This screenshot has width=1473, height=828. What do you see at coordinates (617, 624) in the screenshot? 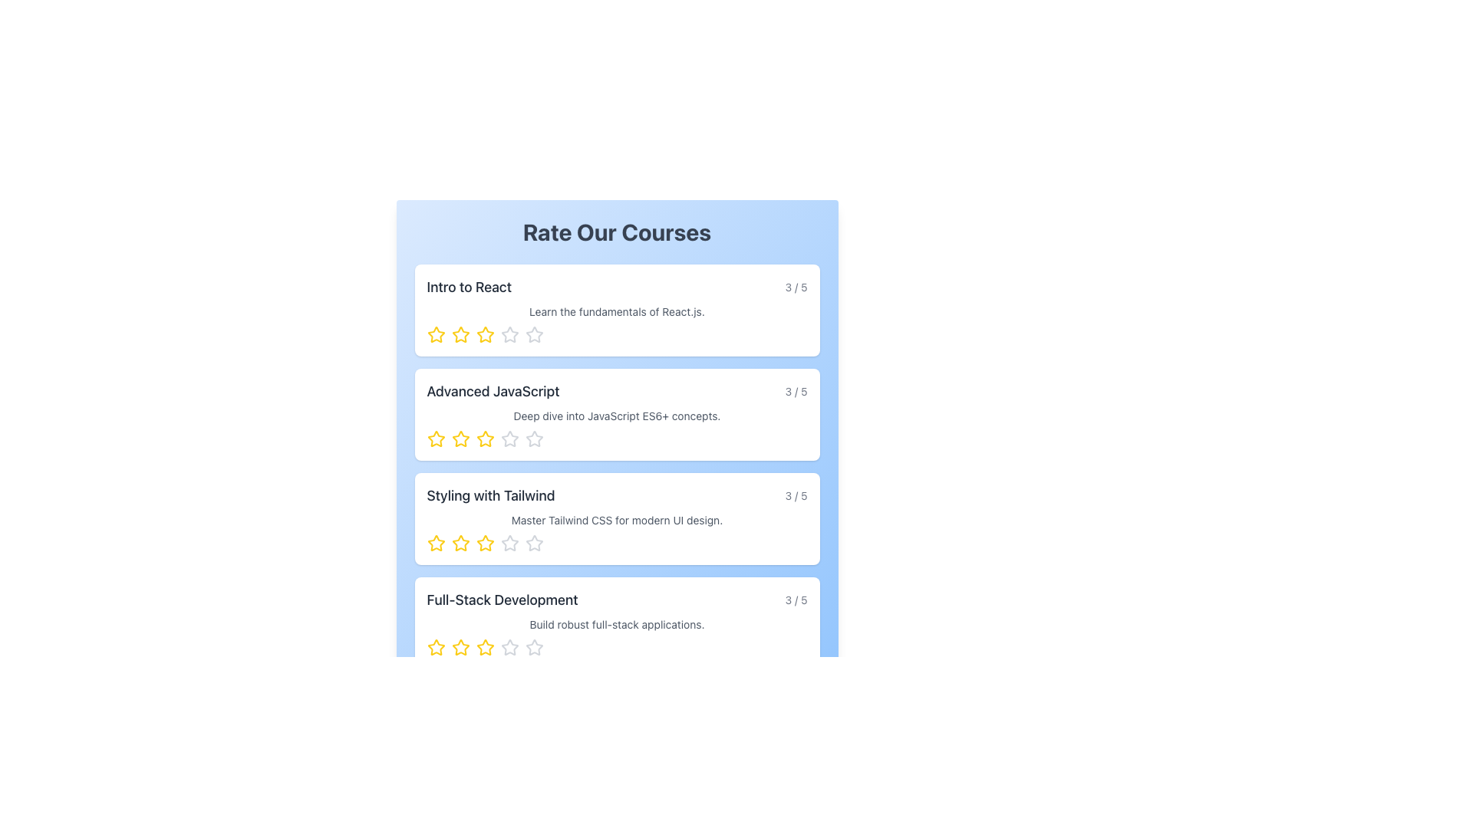
I see `the descriptive caption element explaining the content of the 'Full-Stack Development' section, located beneath the title and rating number` at bounding box center [617, 624].